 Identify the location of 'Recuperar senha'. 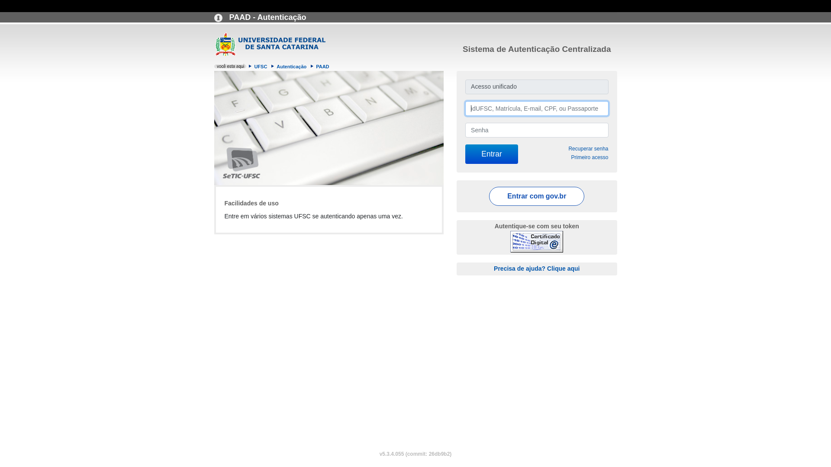
(588, 148).